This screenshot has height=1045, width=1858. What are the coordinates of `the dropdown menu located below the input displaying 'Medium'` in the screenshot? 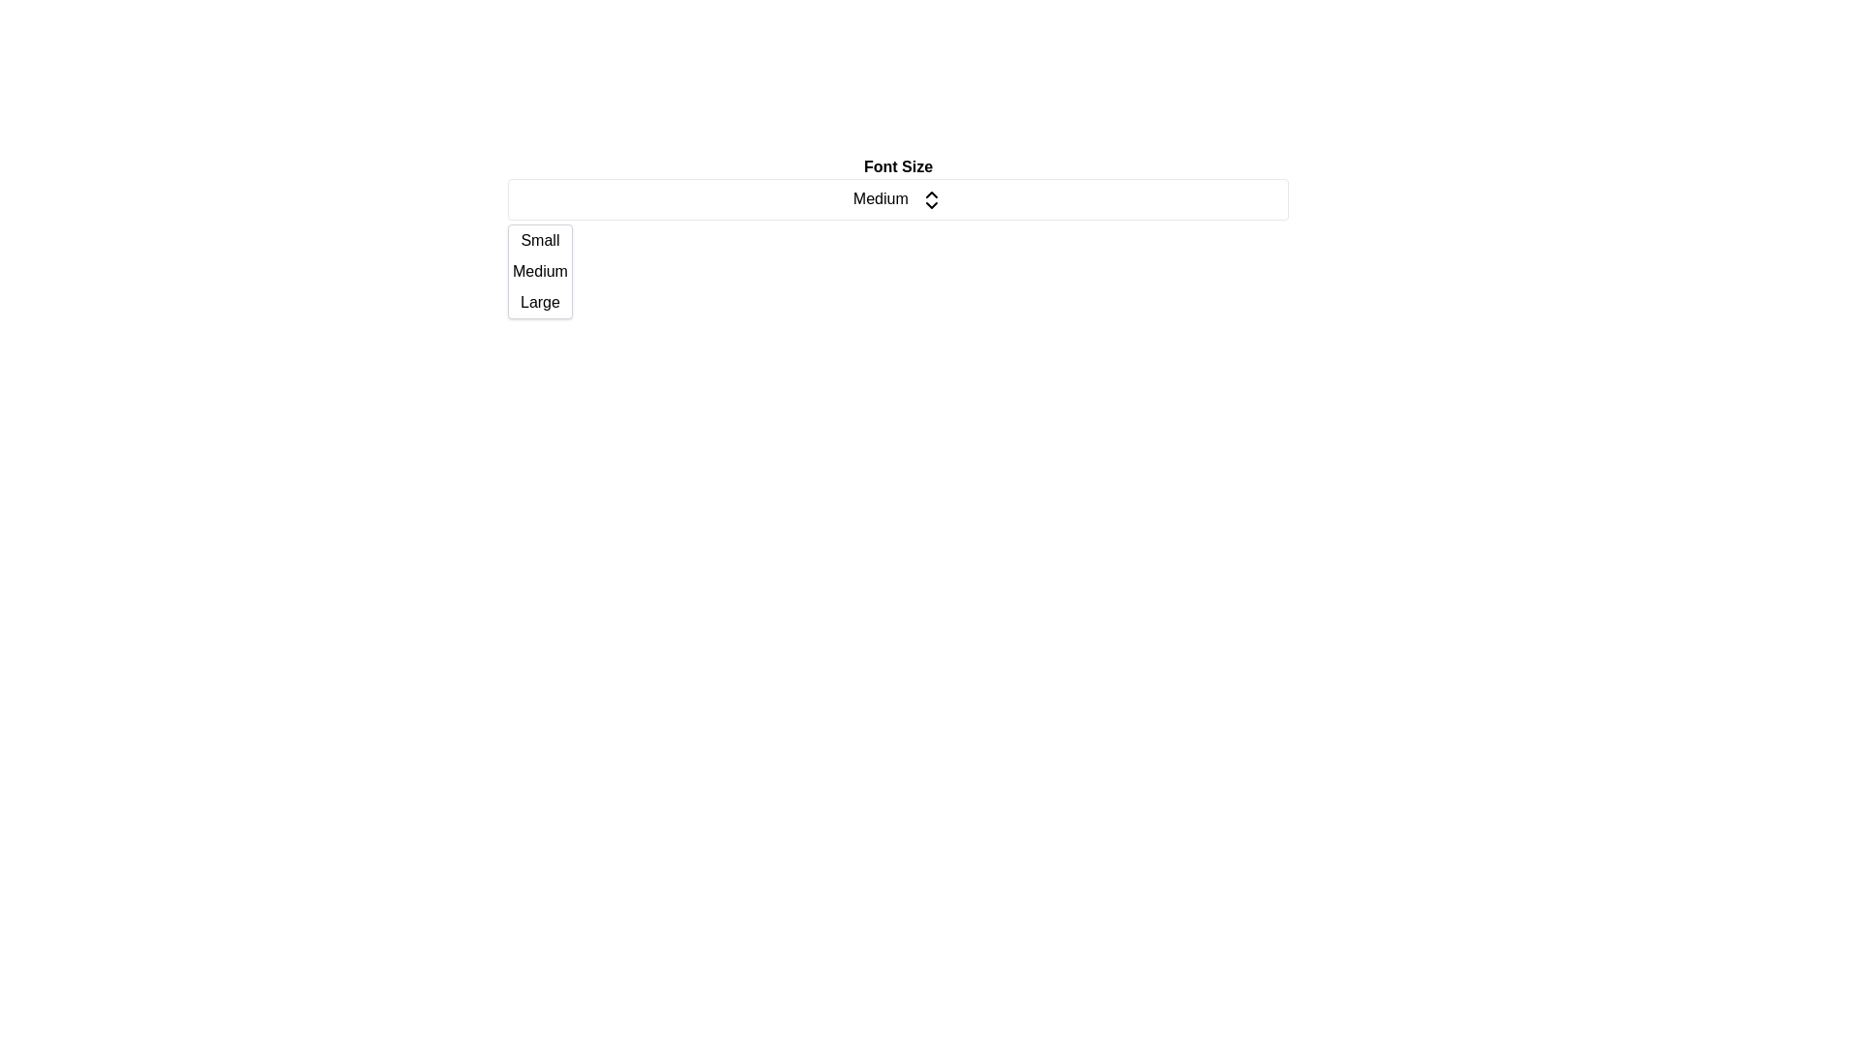 It's located at (540, 271).